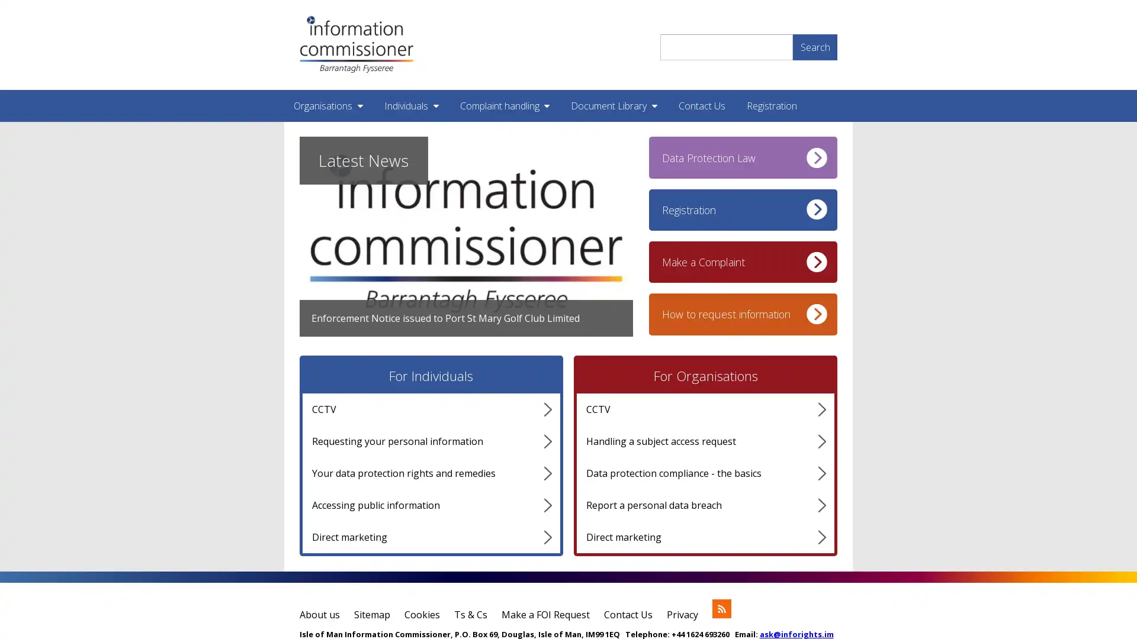 This screenshot has height=639, width=1137. Describe the element at coordinates (814, 46) in the screenshot. I see `Search` at that location.